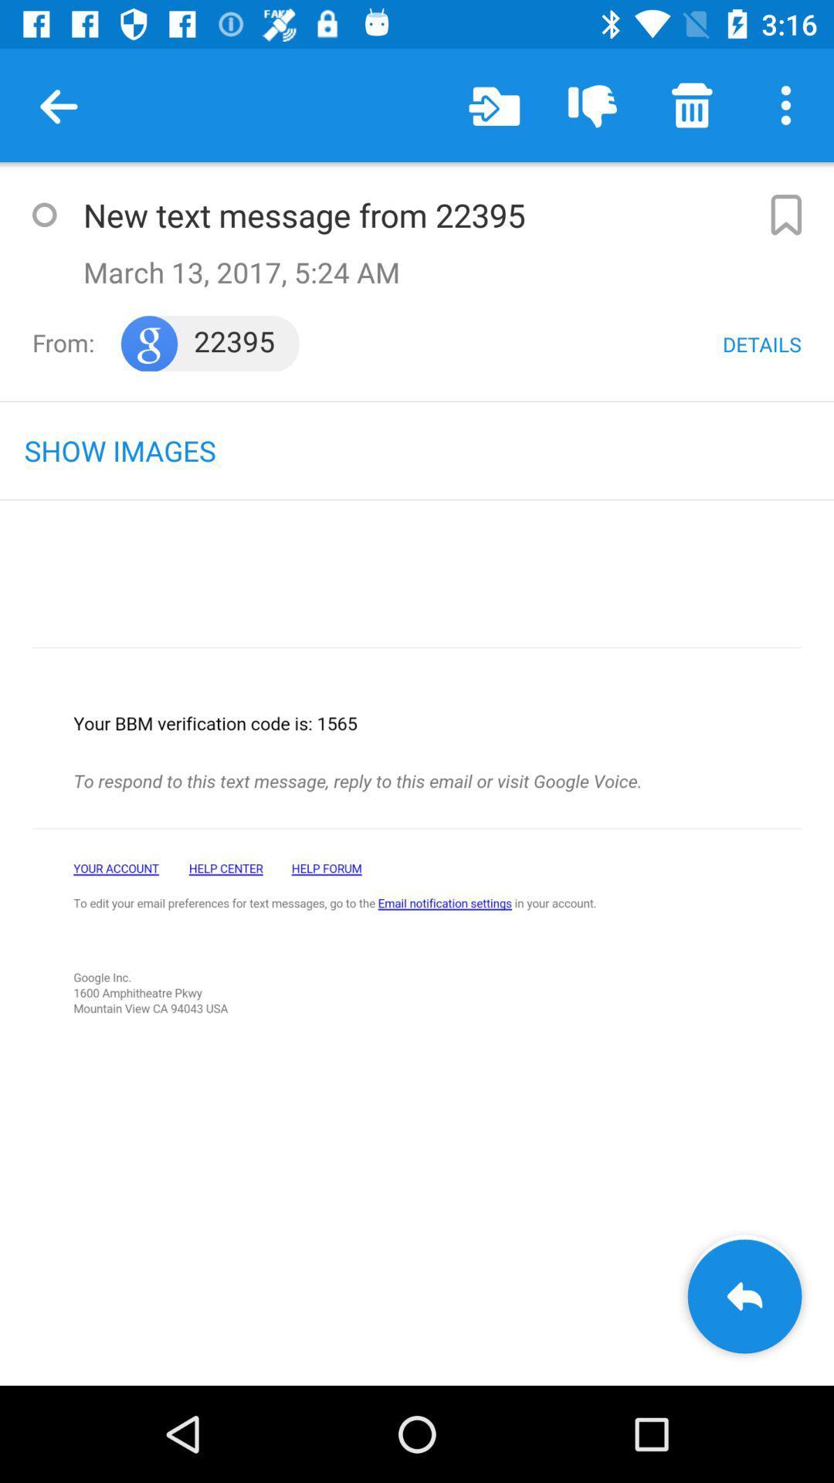  Describe the element at coordinates (417, 956) in the screenshot. I see `go back` at that location.